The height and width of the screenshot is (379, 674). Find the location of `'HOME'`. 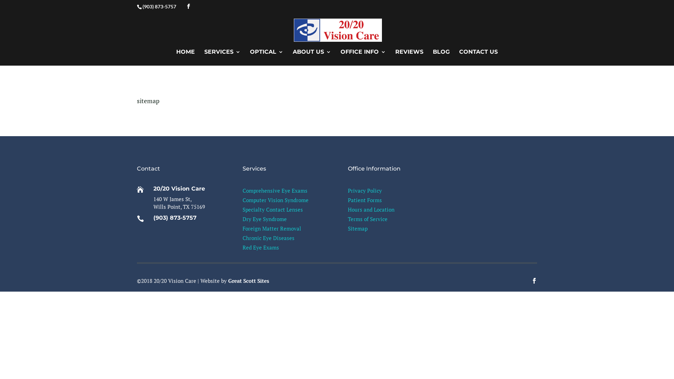

'HOME' is located at coordinates (185, 57).